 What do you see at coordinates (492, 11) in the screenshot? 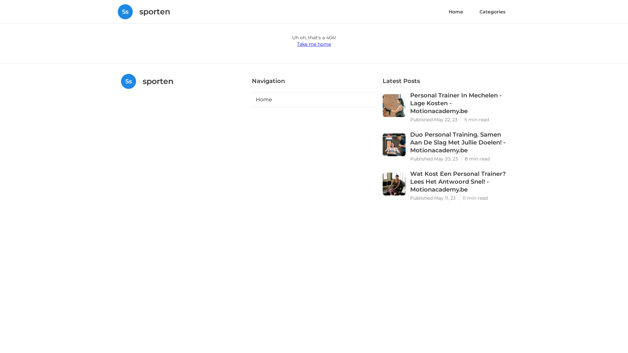
I see `'Categories'` at bounding box center [492, 11].